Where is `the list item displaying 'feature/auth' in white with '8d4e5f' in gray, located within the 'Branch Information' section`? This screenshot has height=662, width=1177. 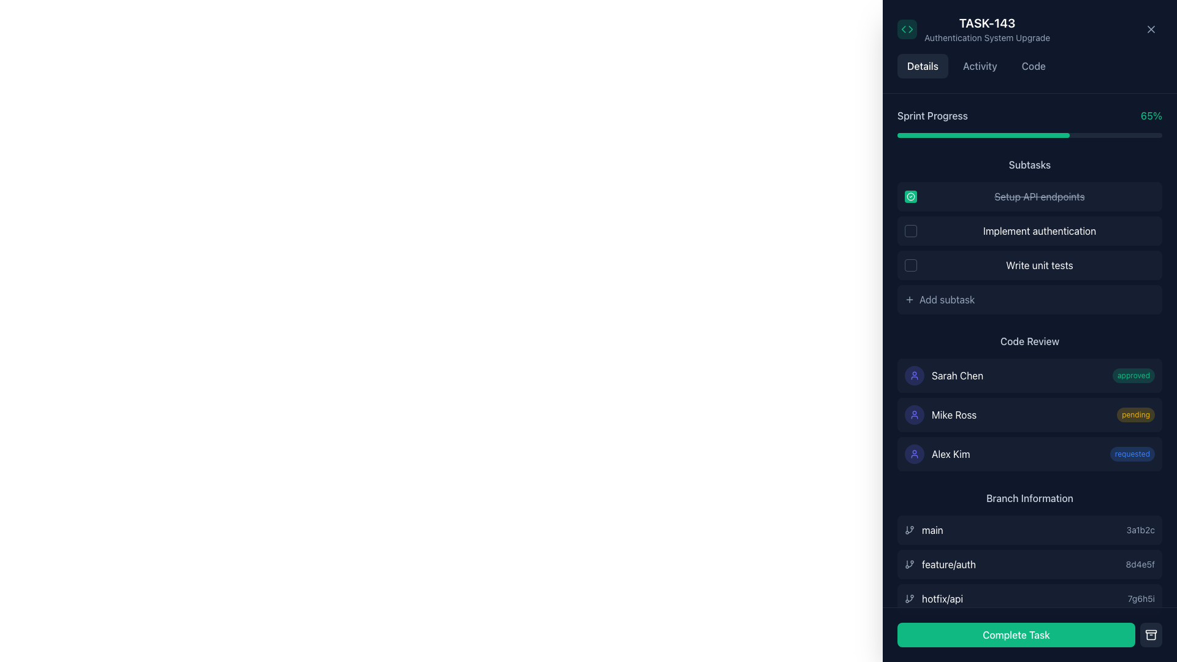
the list item displaying 'feature/auth' in white with '8d4e5f' in gray, located within the 'Branch Information' section is located at coordinates (1030, 565).